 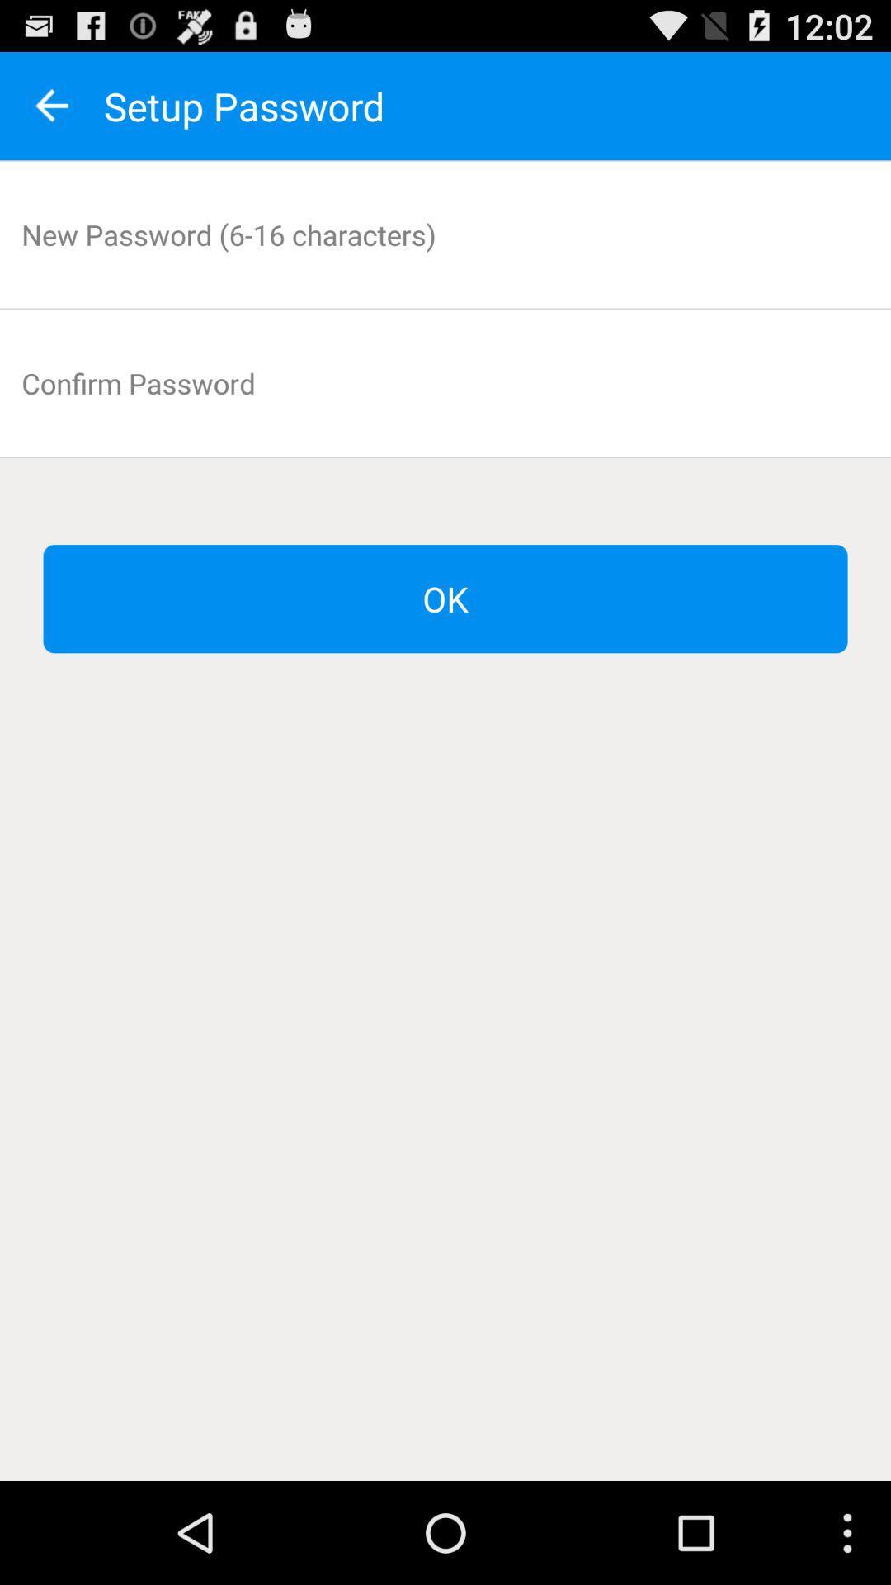 What do you see at coordinates (445, 234) in the screenshot?
I see `option to setup new password of 6-16 characters` at bounding box center [445, 234].